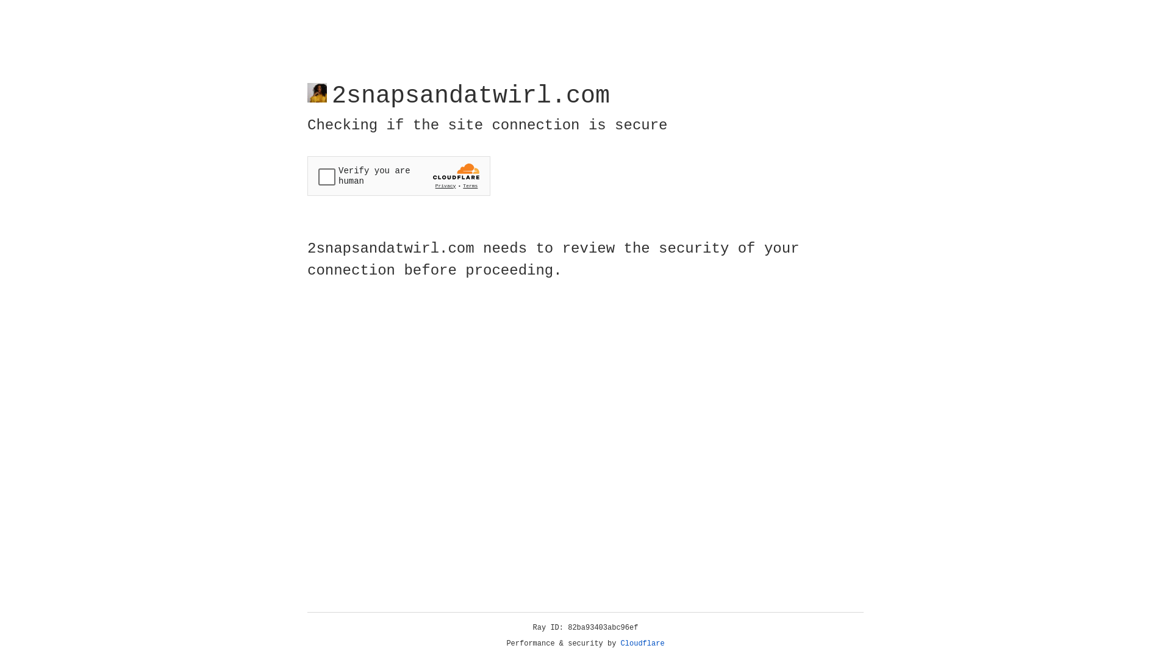 The width and height of the screenshot is (1171, 659). What do you see at coordinates (398, 176) in the screenshot?
I see `'Widget containing a Cloudflare security challenge'` at bounding box center [398, 176].